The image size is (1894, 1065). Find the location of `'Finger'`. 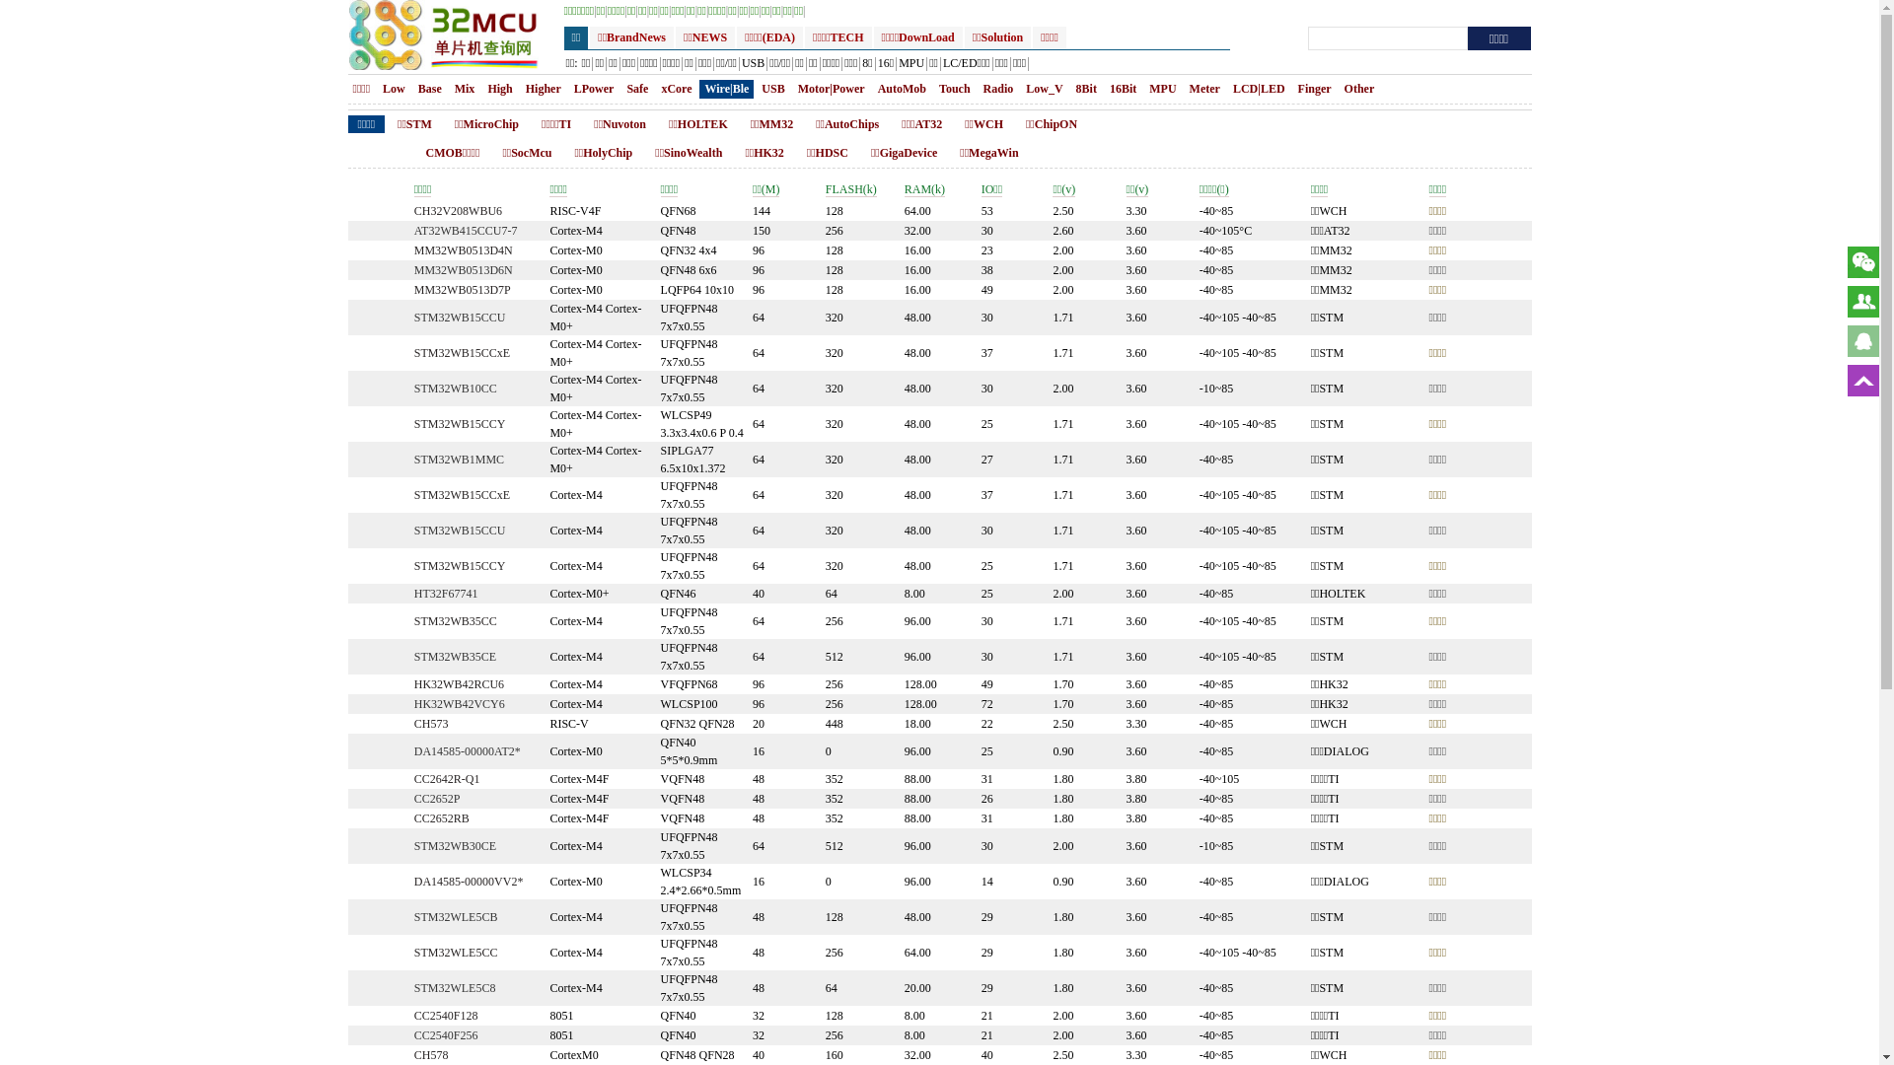

'Finger' is located at coordinates (1315, 89).